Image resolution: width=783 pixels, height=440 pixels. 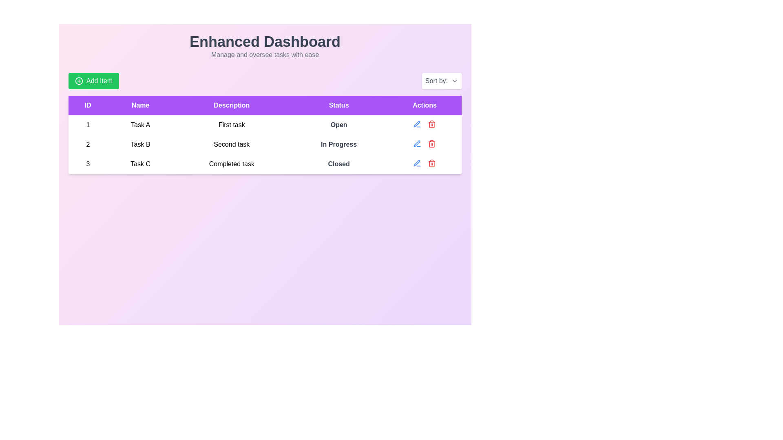 What do you see at coordinates (431, 164) in the screenshot?
I see `the larger rectangular shape representing the body of the trash can icon located in the 'Actions' column of the third row in the table` at bounding box center [431, 164].